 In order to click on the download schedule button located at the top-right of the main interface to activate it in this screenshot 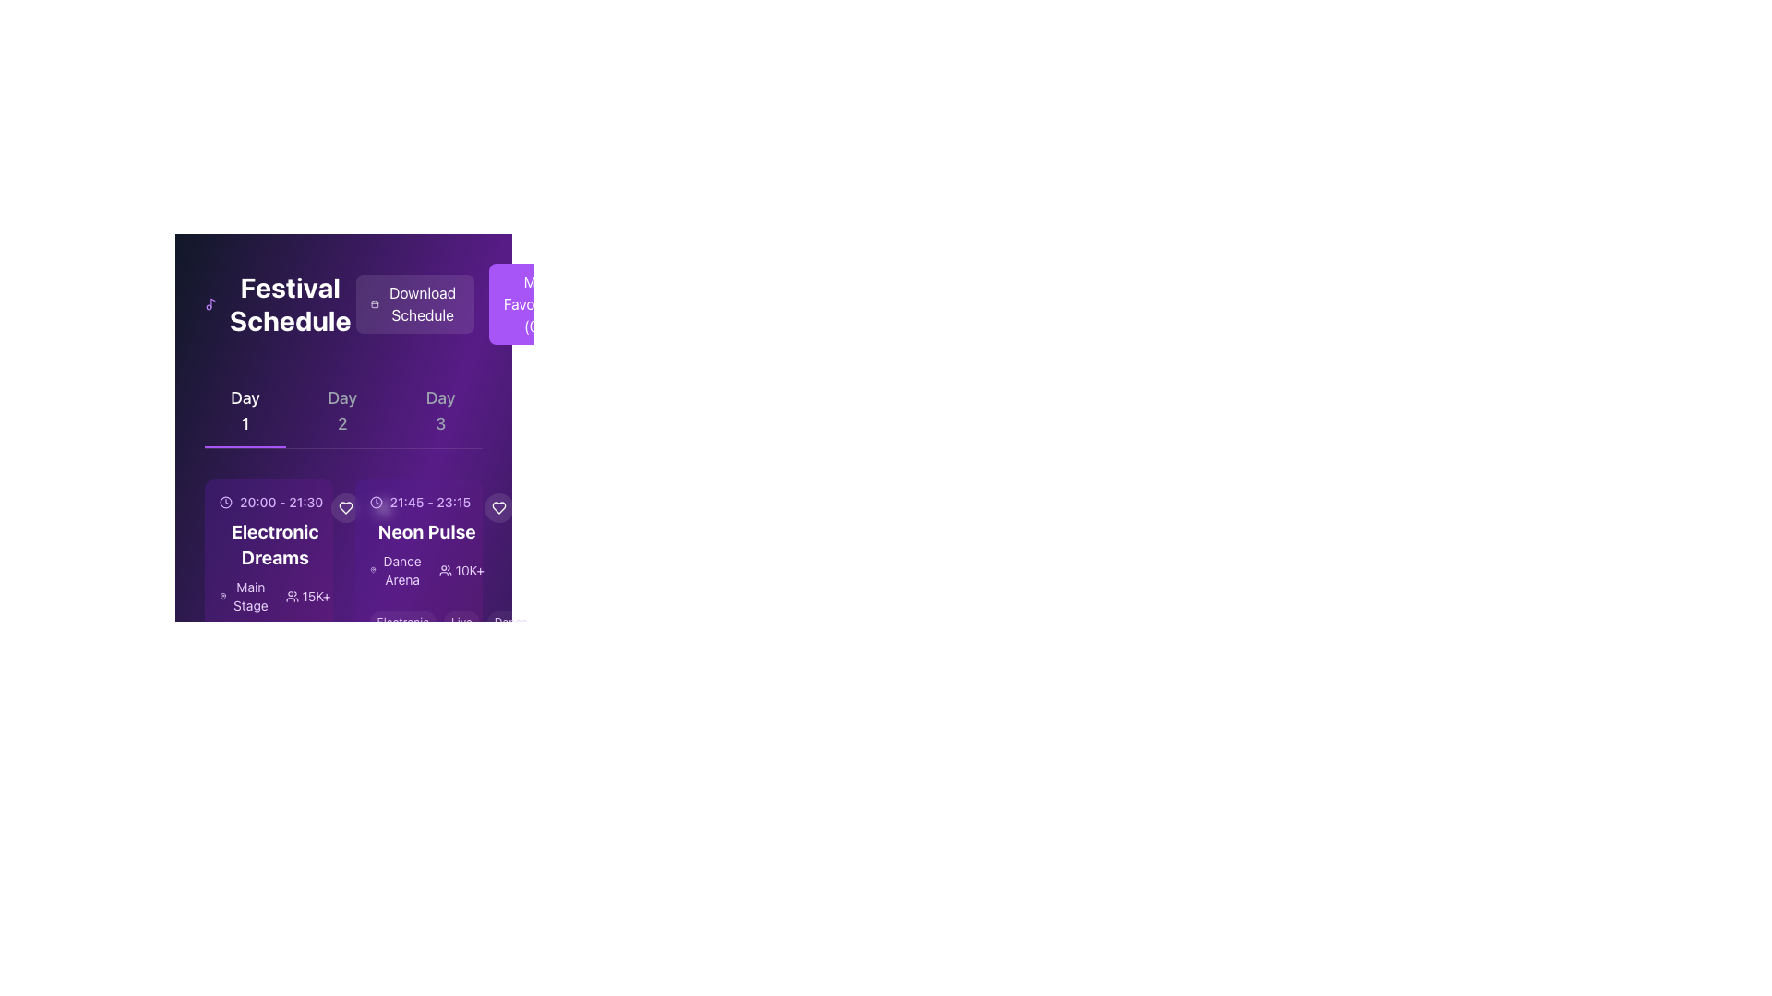, I will do `click(413, 303)`.